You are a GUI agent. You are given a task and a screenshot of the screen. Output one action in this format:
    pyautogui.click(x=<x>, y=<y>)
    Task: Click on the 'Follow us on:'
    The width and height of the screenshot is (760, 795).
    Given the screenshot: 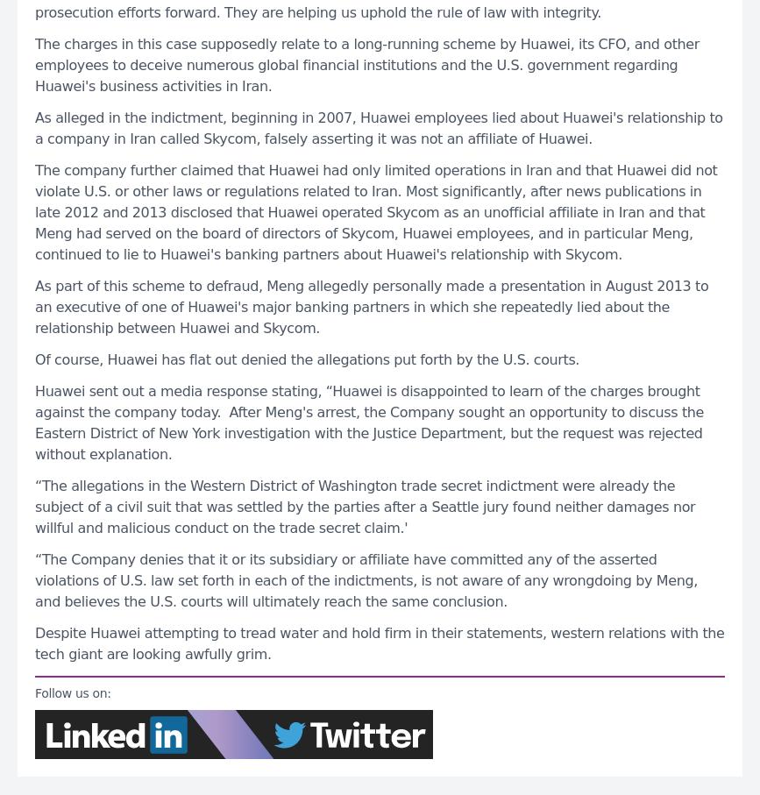 What is the action you would take?
    pyautogui.click(x=72, y=692)
    